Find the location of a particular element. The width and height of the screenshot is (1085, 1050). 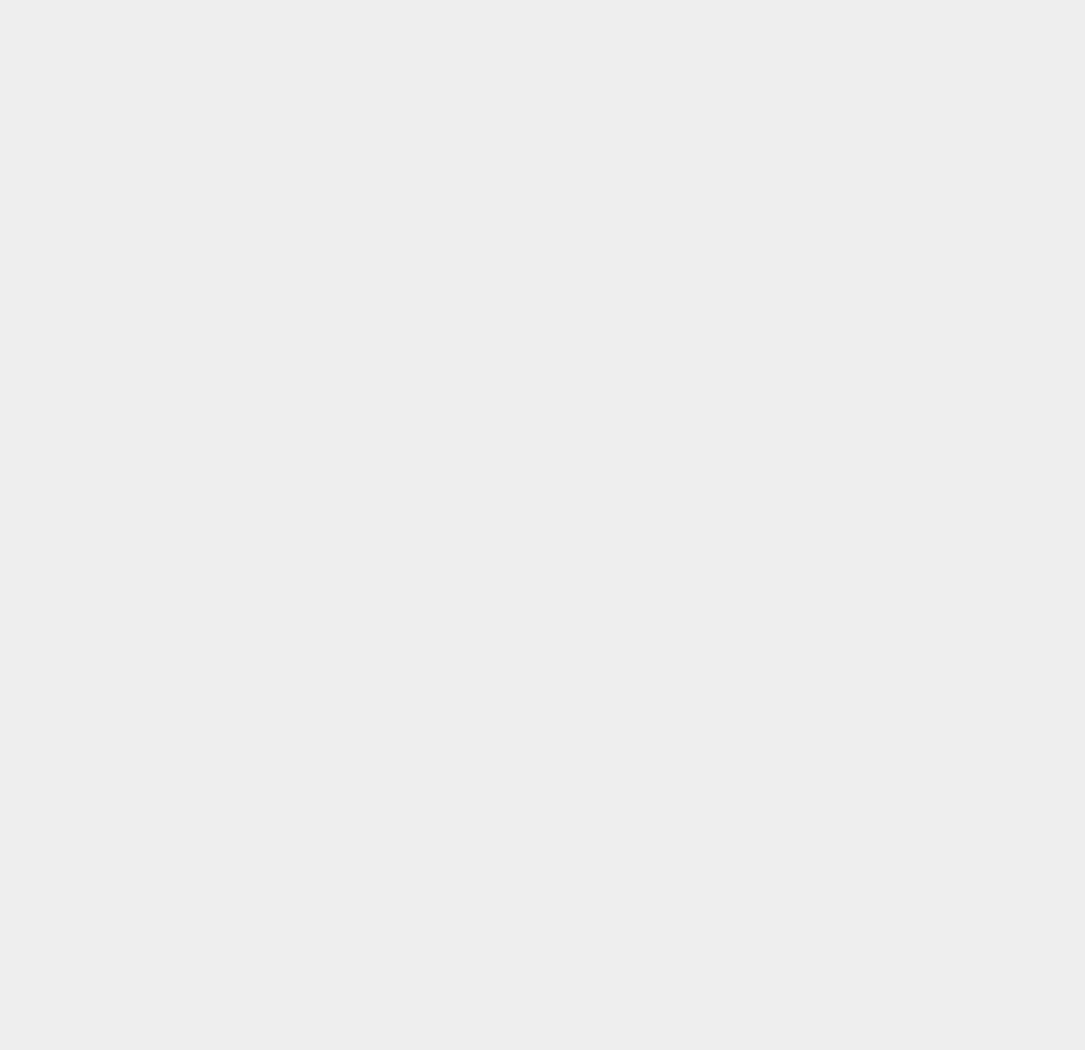

'eCommerce' is located at coordinates (803, 756).